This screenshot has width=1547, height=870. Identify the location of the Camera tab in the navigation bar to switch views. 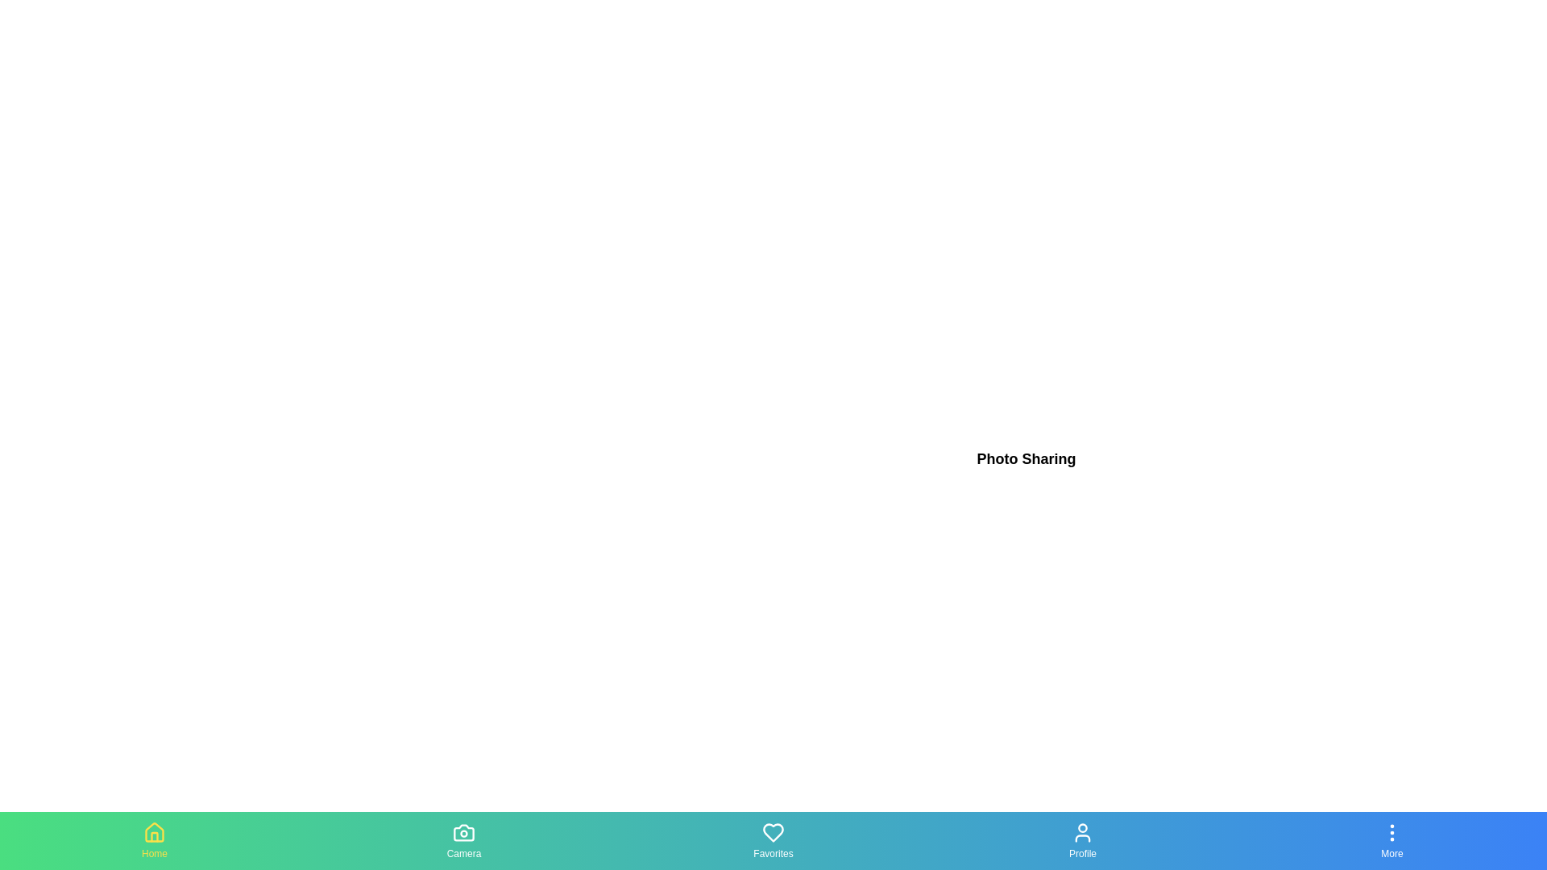
(463, 840).